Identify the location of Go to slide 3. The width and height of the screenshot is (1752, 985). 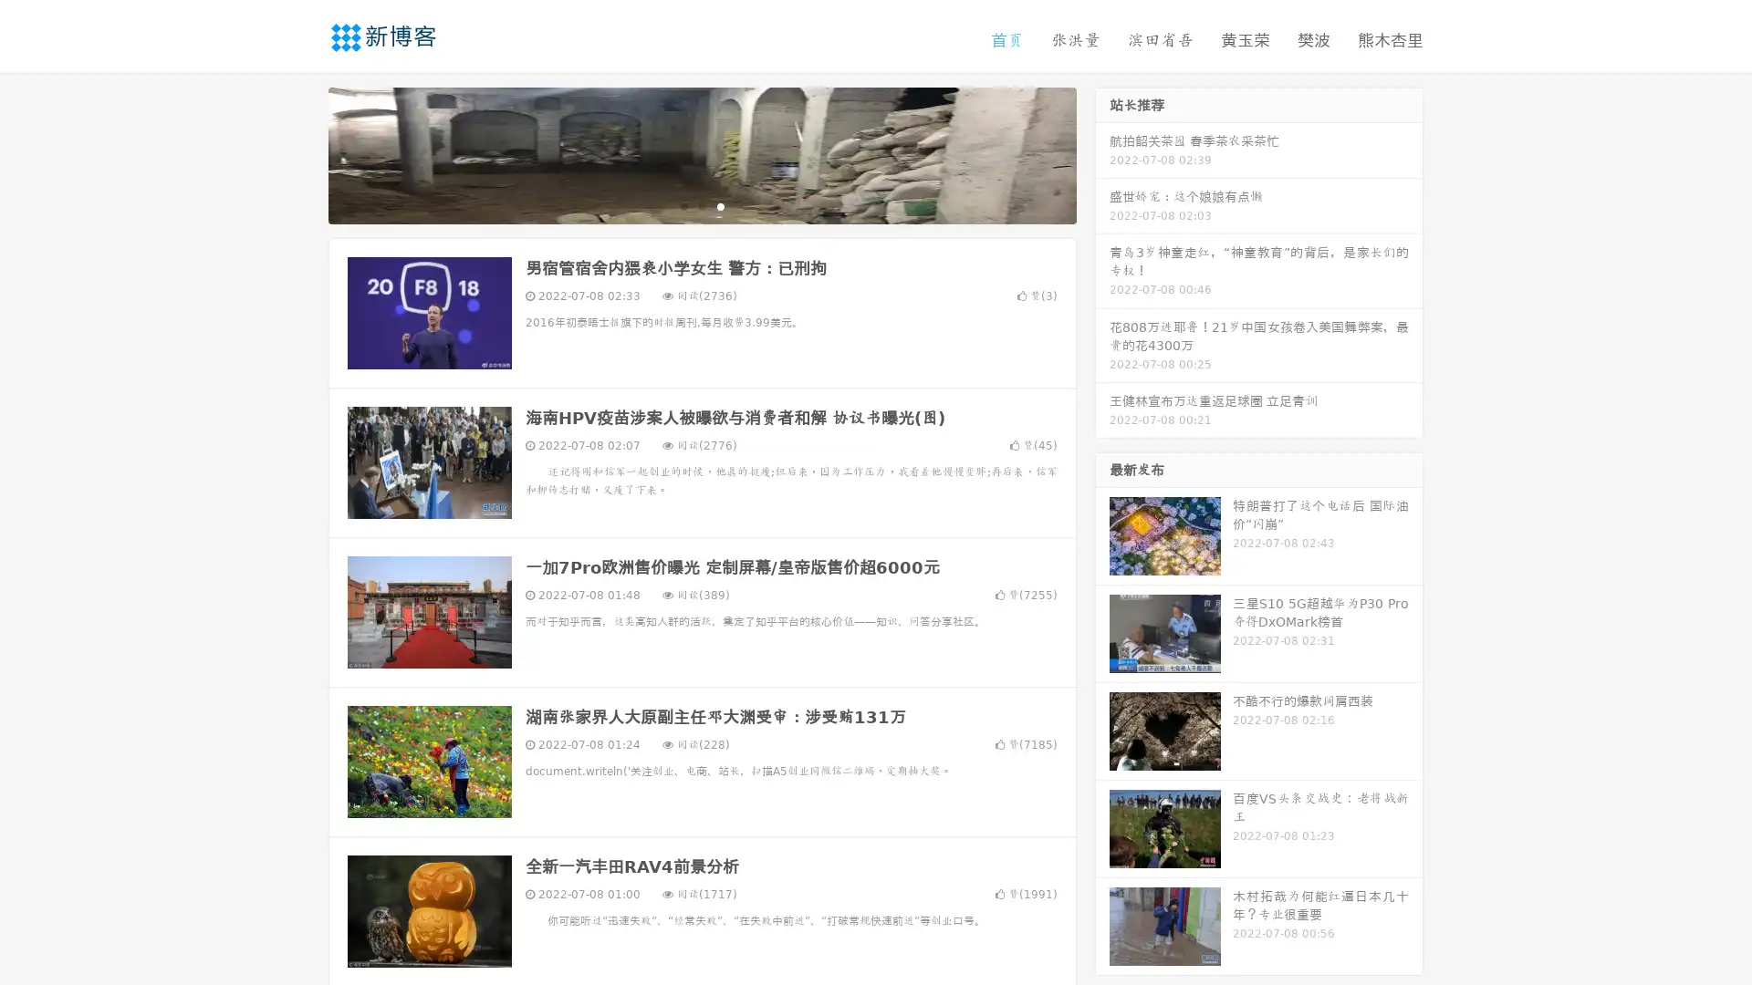
(720, 205).